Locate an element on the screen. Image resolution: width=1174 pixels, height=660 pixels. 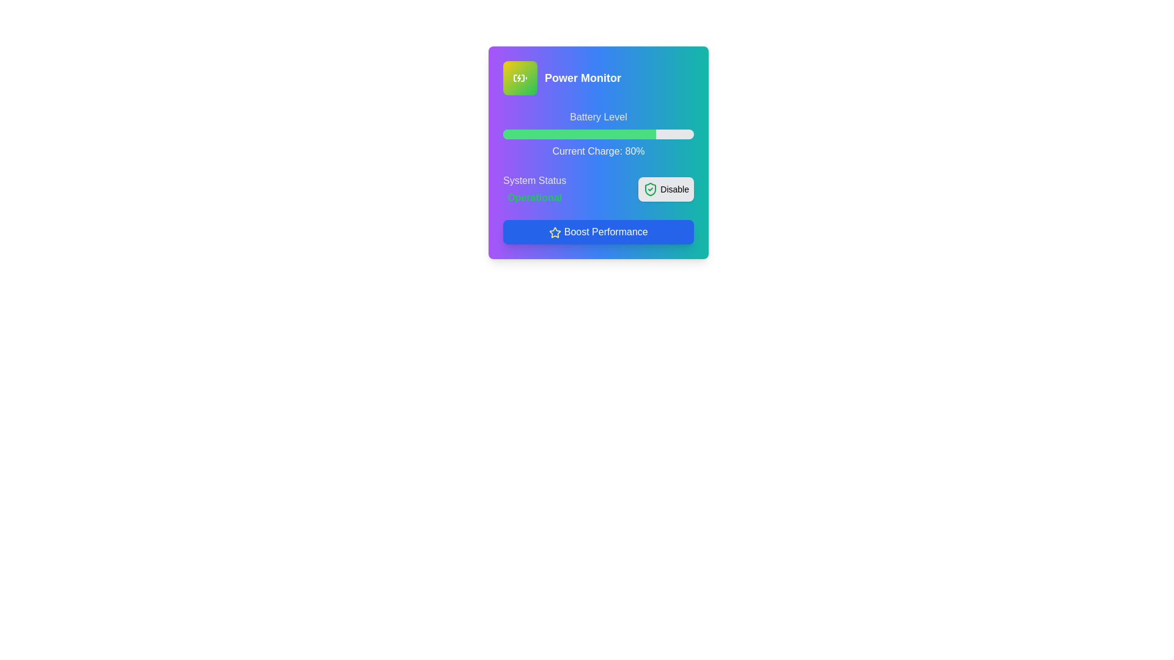
the green progress bar with rounded edges, which represents the battery level, located under the 'Battery Level' label is located at coordinates (578, 134).